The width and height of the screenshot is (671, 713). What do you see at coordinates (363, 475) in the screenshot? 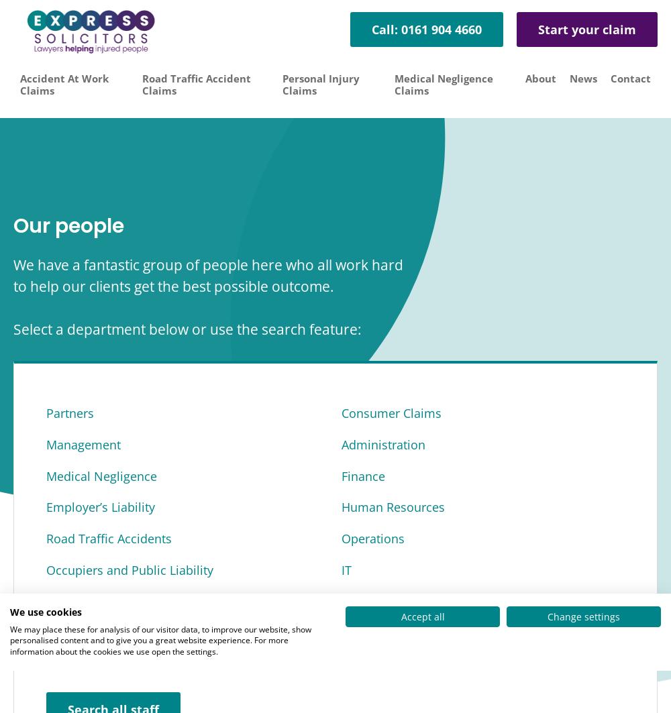
I see `'Finance'` at bounding box center [363, 475].